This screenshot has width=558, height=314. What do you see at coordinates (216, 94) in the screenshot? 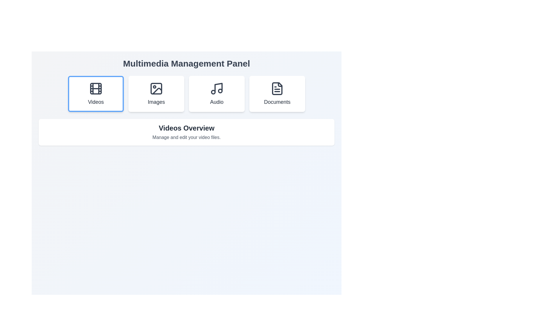
I see `the third card in a row of four that serves as a navigation button for managing audio files` at bounding box center [216, 94].